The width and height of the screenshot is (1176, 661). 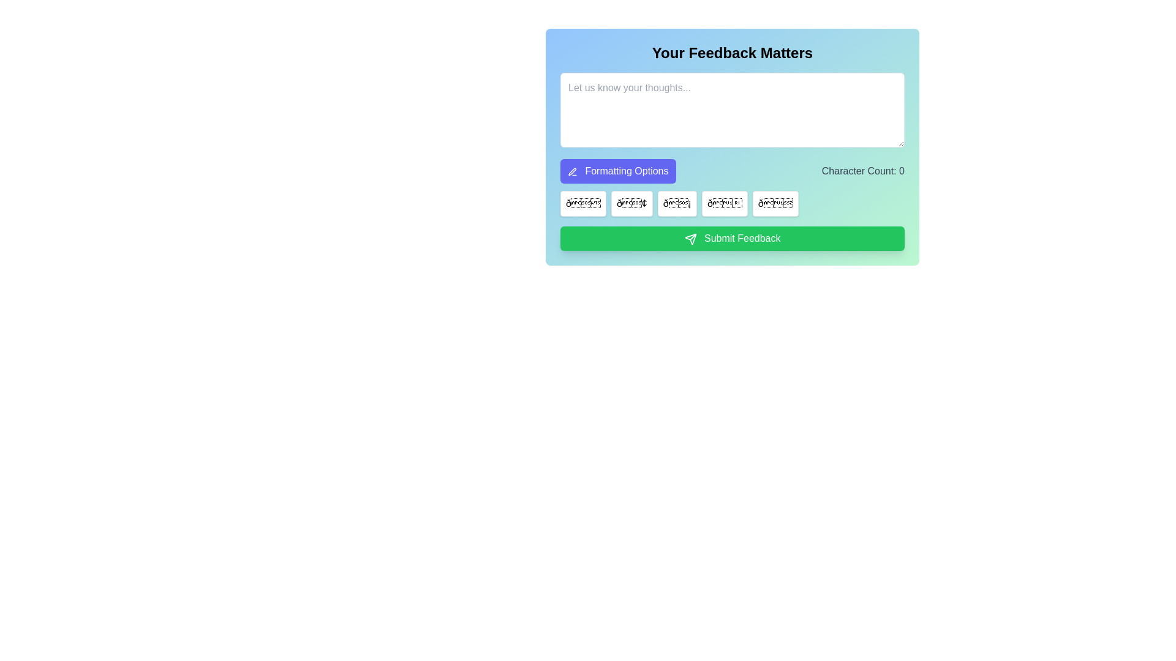 I want to click on the interactive text area for user input, which features a rectangular shape with rounded corners and contains the placeholder text 'Let us know your thoughts...', so click(x=732, y=146).